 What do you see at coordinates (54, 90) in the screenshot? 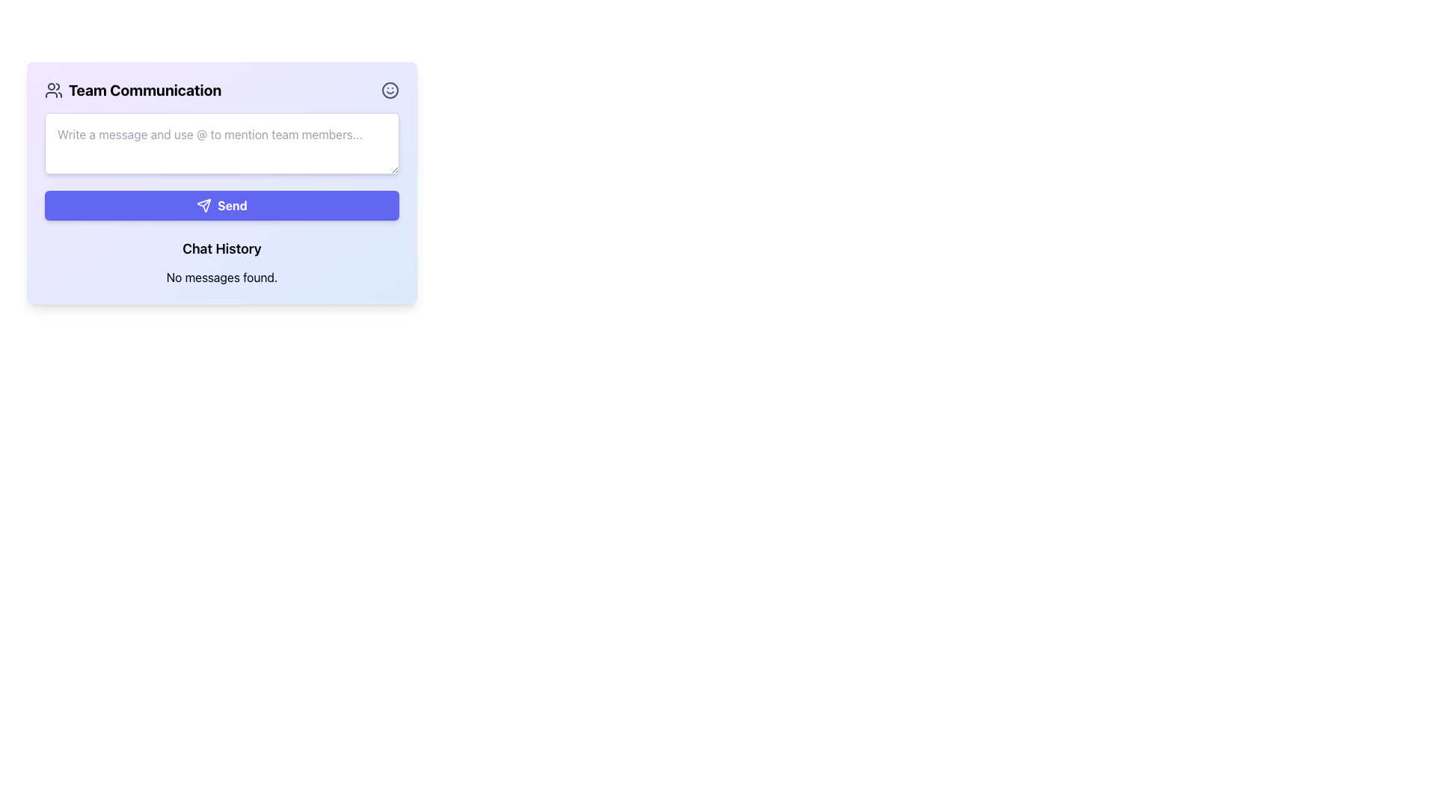
I see `the icon depicting a group of users` at bounding box center [54, 90].